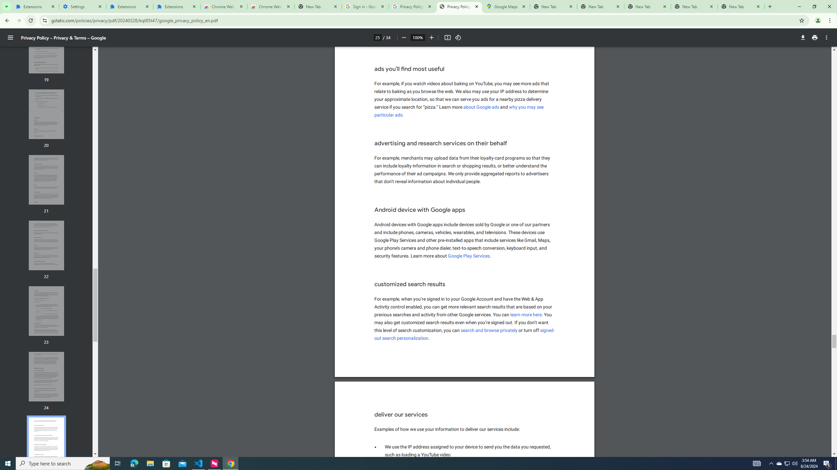 Image resolution: width=837 pixels, height=470 pixels. I want to click on 'New Tab', so click(741, 6).